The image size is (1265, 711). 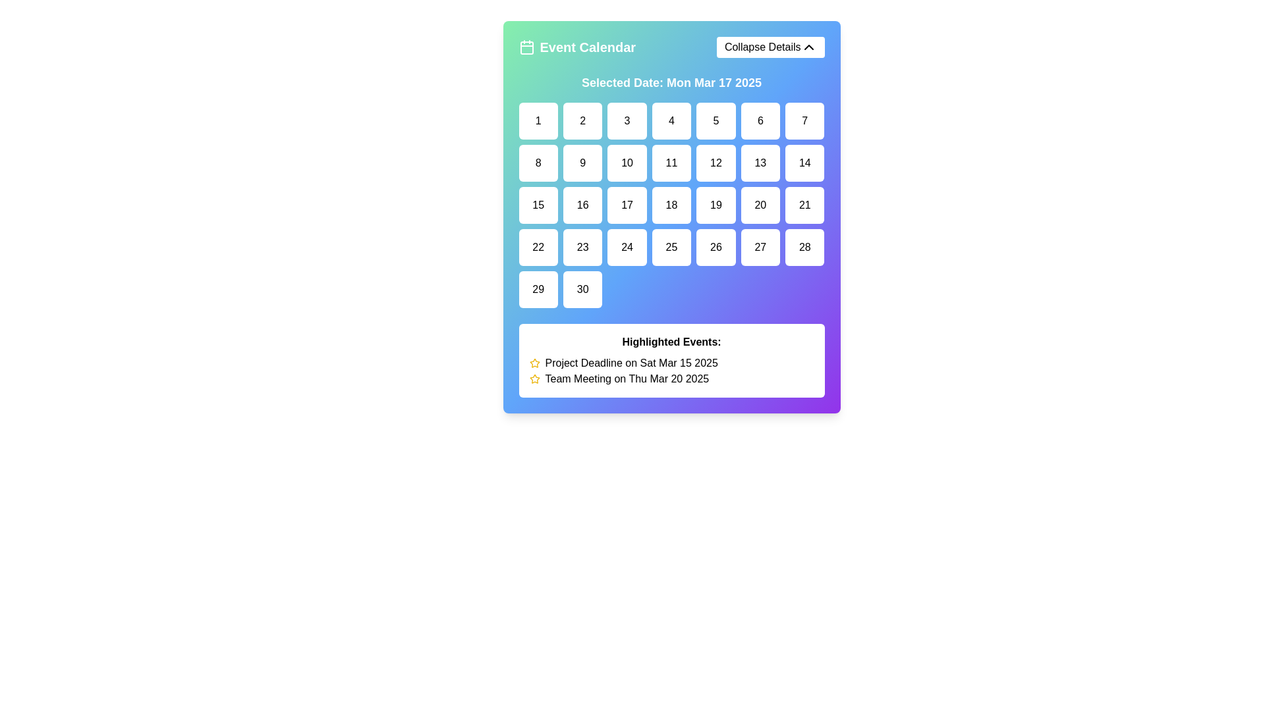 What do you see at coordinates (538, 288) in the screenshot?
I see `the white square button with rounded corners that has the black numeral '29' centered inside` at bounding box center [538, 288].